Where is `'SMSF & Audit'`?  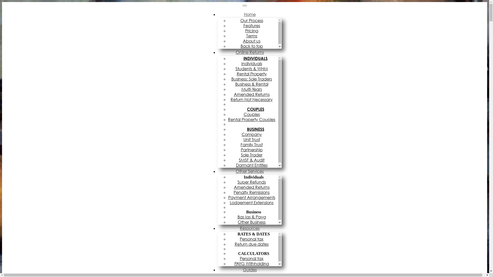 'SMSF & Audit' is located at coordinates (253, 160).